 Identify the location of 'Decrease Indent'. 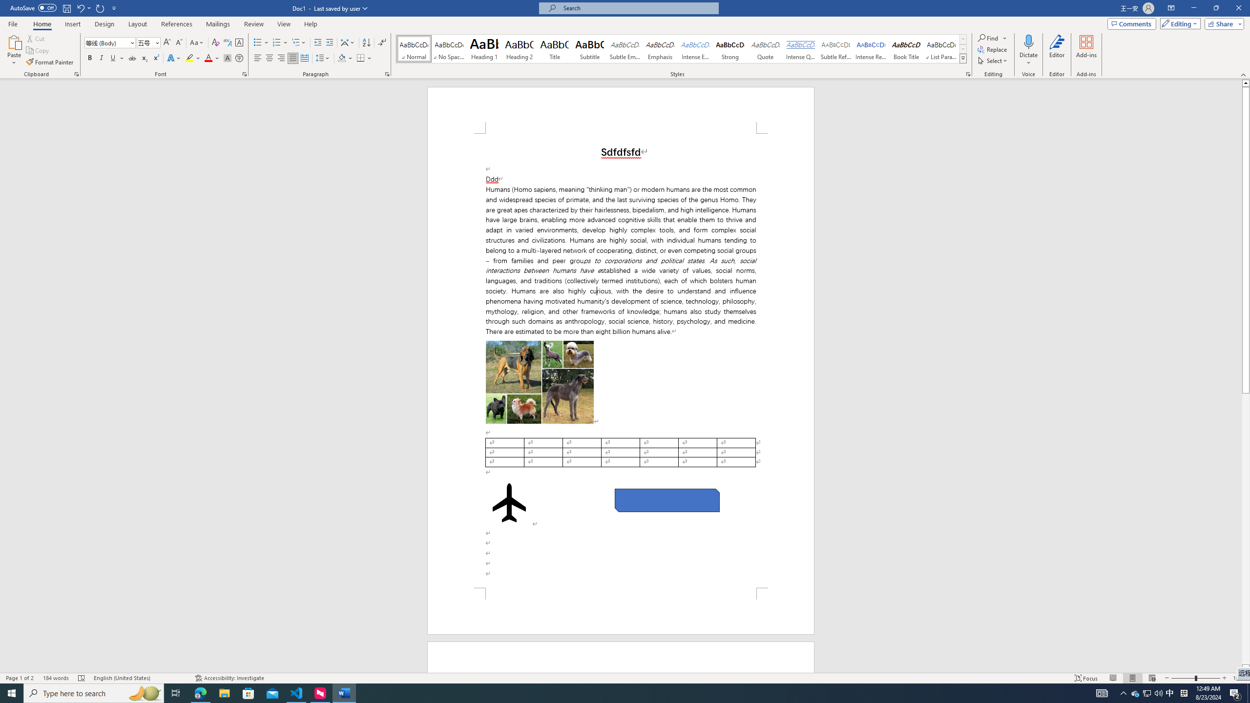
(318, 42).